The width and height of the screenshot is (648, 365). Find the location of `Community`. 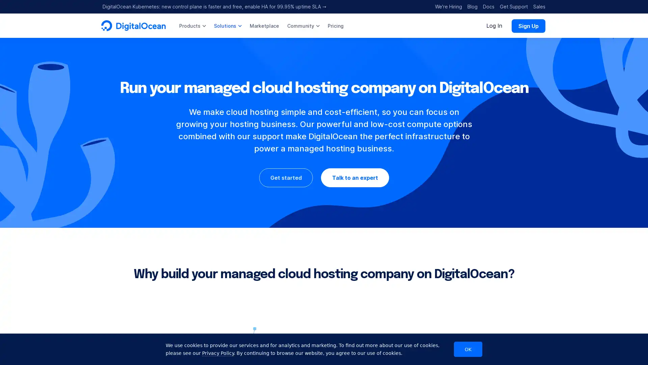

Community is located at coordinates (303, 25).